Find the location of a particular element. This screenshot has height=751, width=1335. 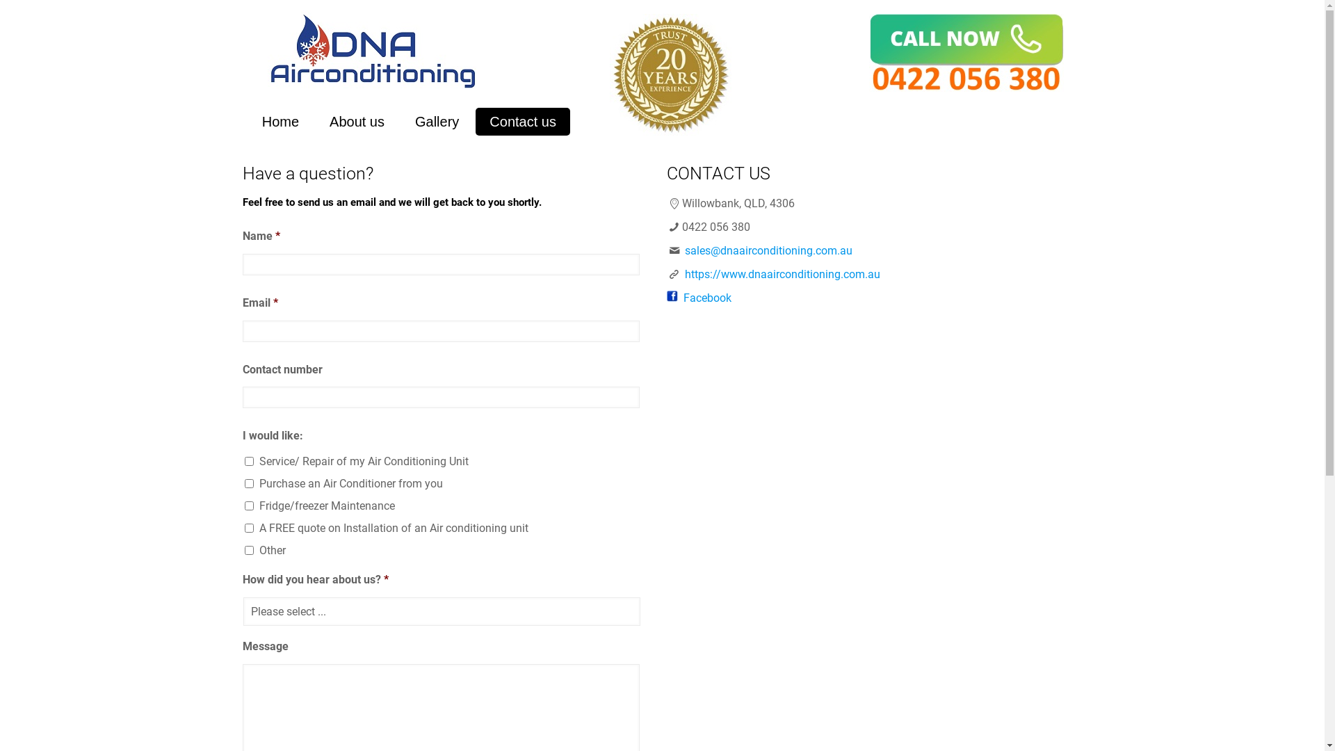

'https://www.dnaairconditioning.com.au' is located at coordinates (684, 274).